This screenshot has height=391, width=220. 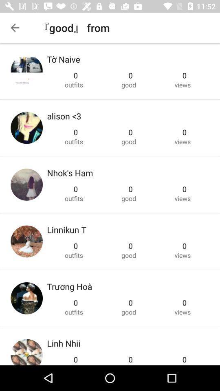 I want to click on the item below the outfits item, so click(x=70, y=173).